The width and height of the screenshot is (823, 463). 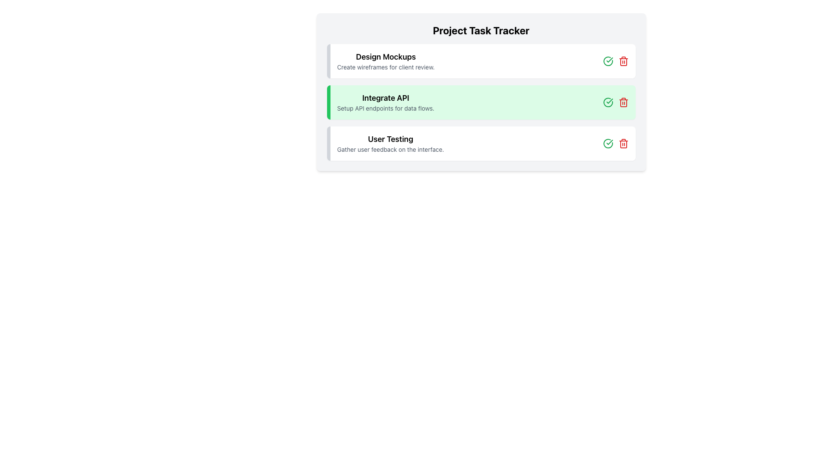 I want to click on text element that contains the string 'Setup API endpoints for data flows.' located beneath the 'Integrate API' heading in a green card segment, so click(x=385, y=108).